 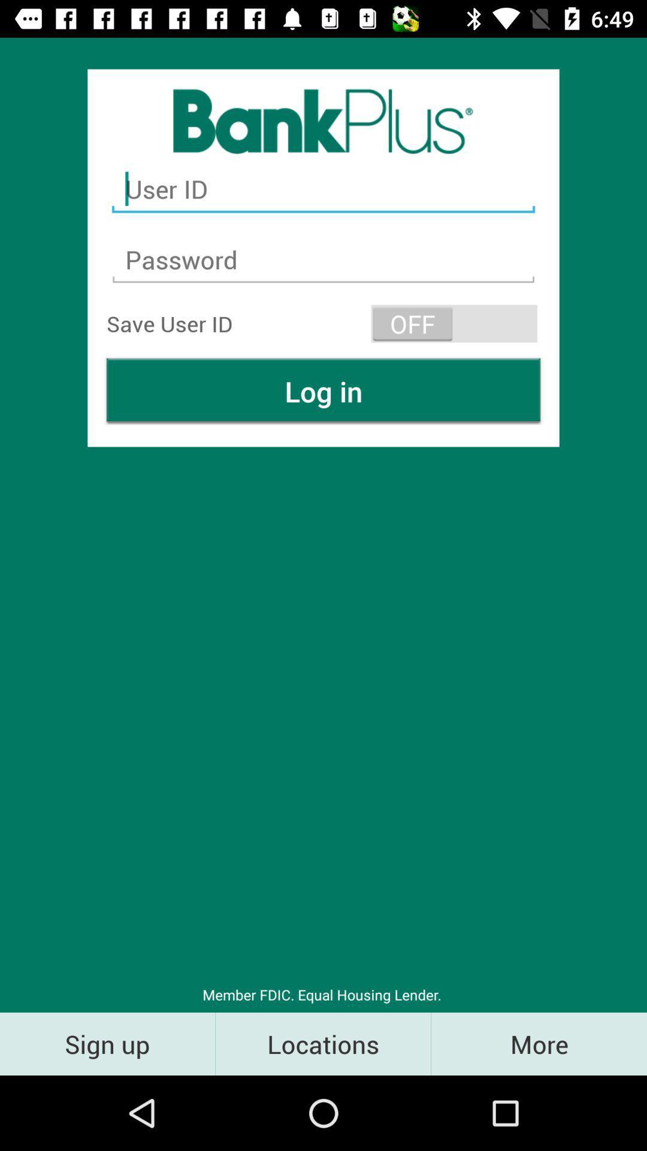 I want to click on the item next to the locations icon, so click(x=538, y=1043).